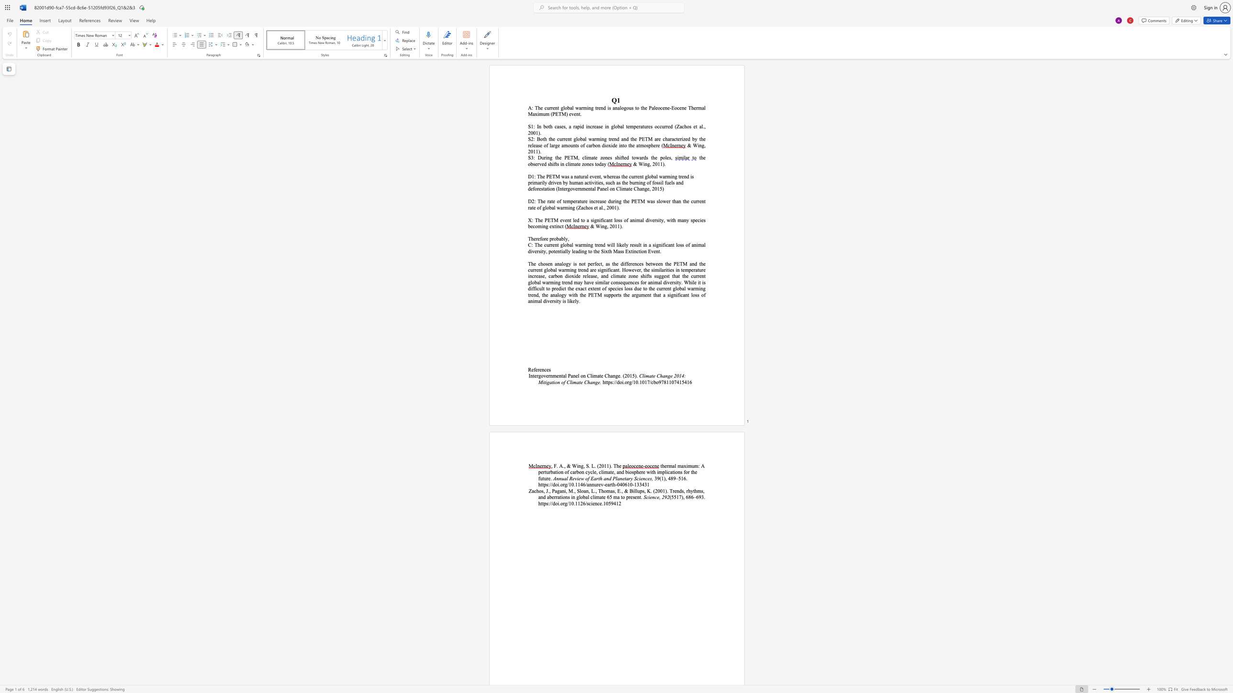  I want to click on the 1th character "p" in the text, so click(609, 382).